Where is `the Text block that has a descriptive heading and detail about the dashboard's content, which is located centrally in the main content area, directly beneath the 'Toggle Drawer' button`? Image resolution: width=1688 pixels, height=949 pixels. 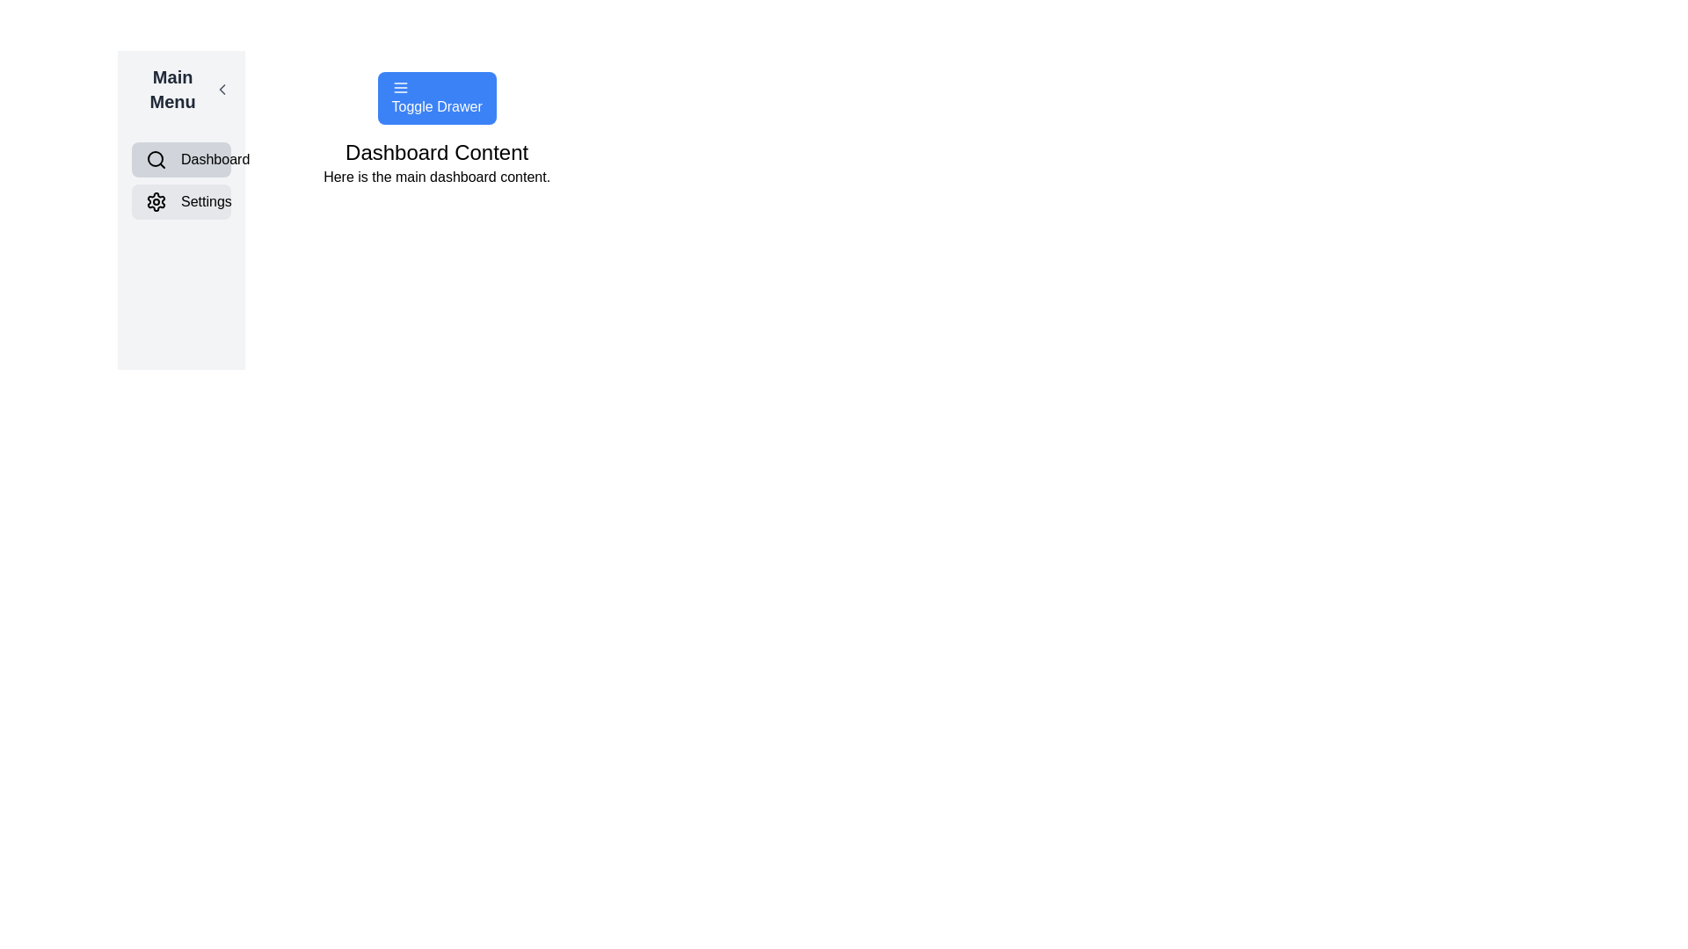
the Text block that has a descriptive heading and detail about the dashboard's content, which is located centrally in the main content area, directly beneath the 'Toggle Drawer' button is located at coordinates (437, 163).